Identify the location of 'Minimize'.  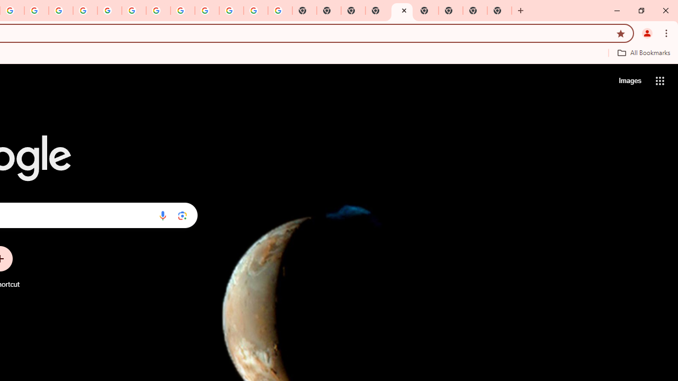
(617, 11).